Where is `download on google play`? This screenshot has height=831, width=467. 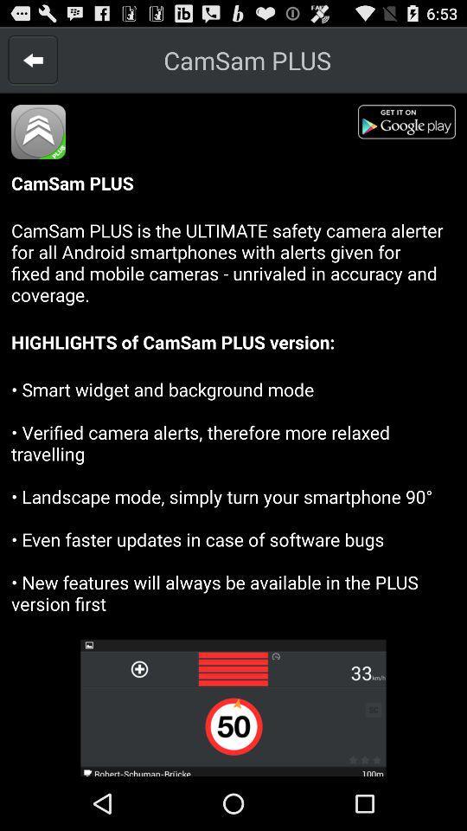
download on google play is located at coordinates (411, 124).